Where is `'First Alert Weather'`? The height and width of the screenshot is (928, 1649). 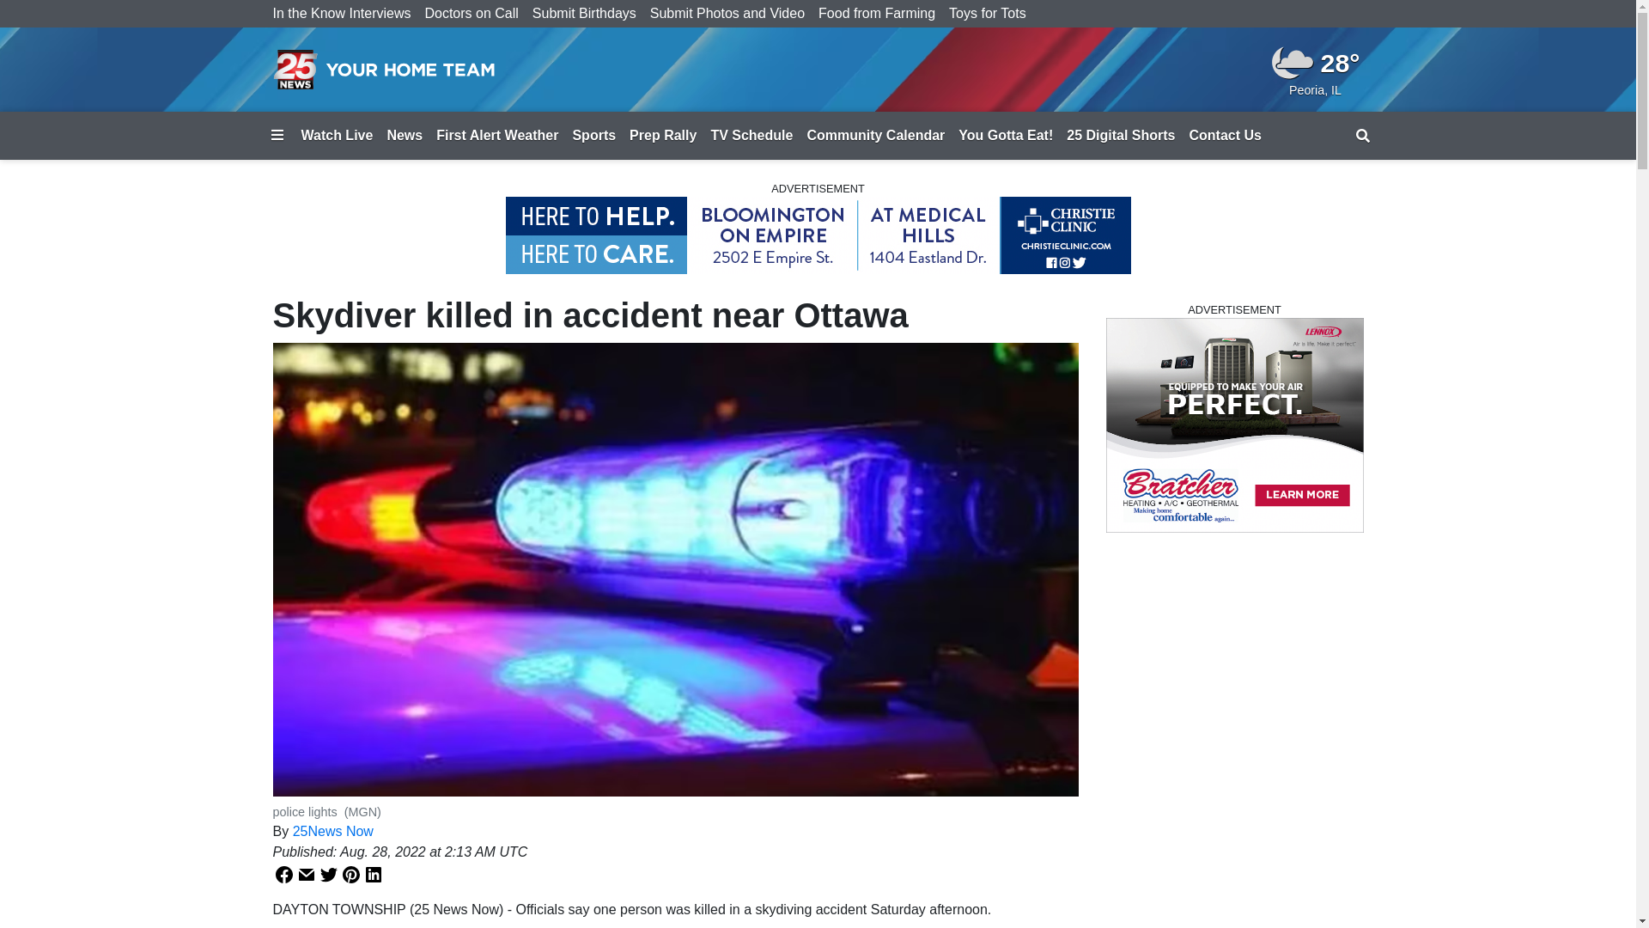
'First Alert Weather' is located at coordinates (496, 135).